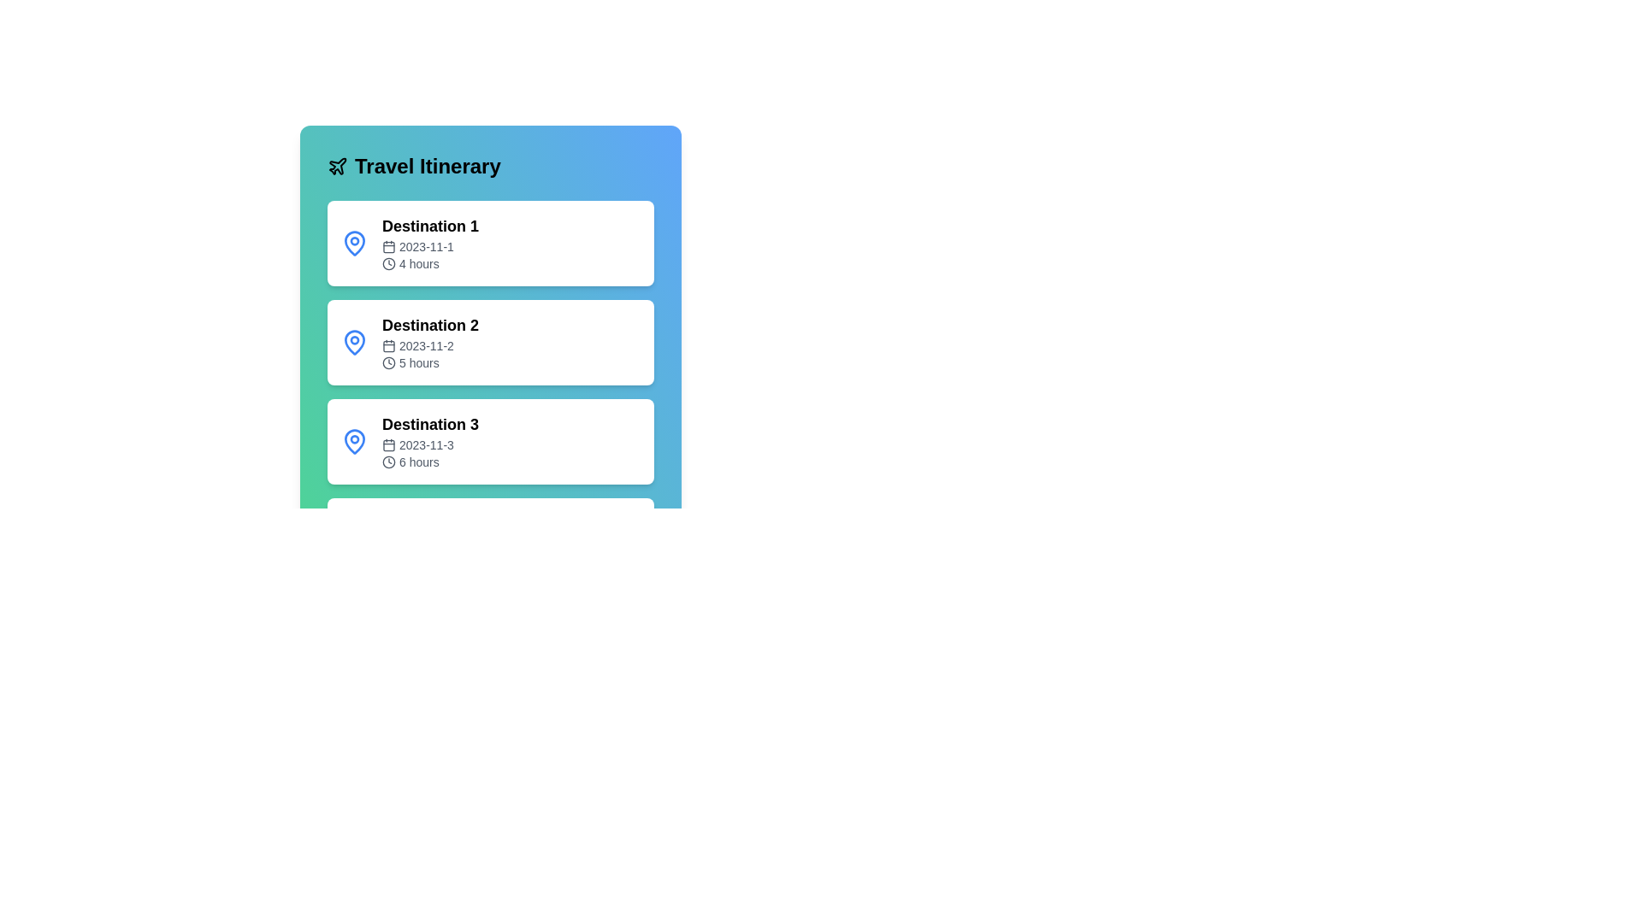 This screenshot has height=923, width=1642. Describe the element at coordinates (353, 343) in the screenshot. I see `the blue pin-shaped icon located to the left of the 'Destination 2' text, beneath the 'Destination 1' entry` at that location.